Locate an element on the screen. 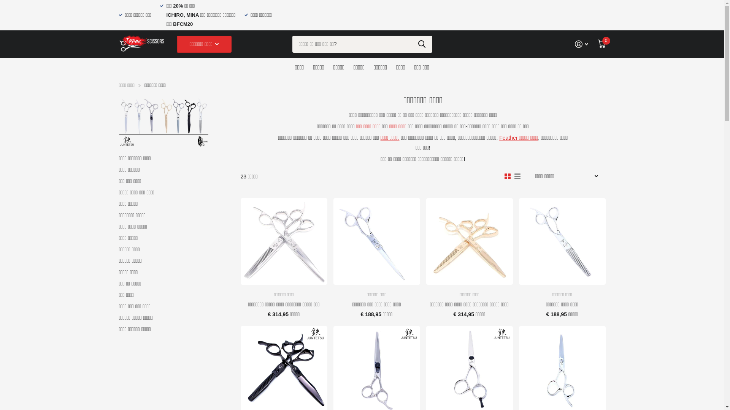 This screenshot has height=410, width=730. '0' is located at coordinates (601, 44).